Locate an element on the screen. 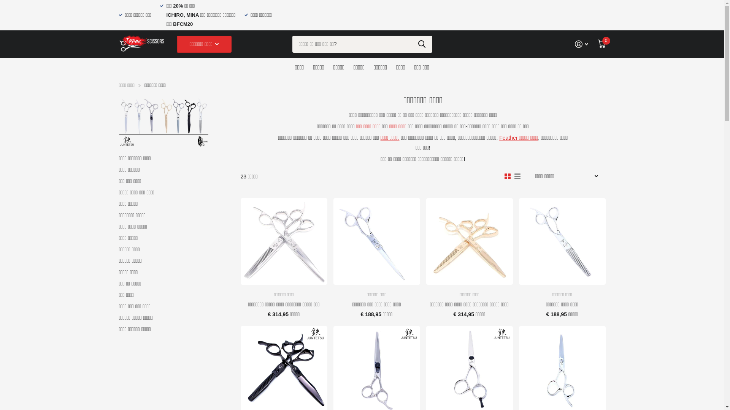 This screenshot has height=410, width=730. '0' is located at coordinates (601, 44).